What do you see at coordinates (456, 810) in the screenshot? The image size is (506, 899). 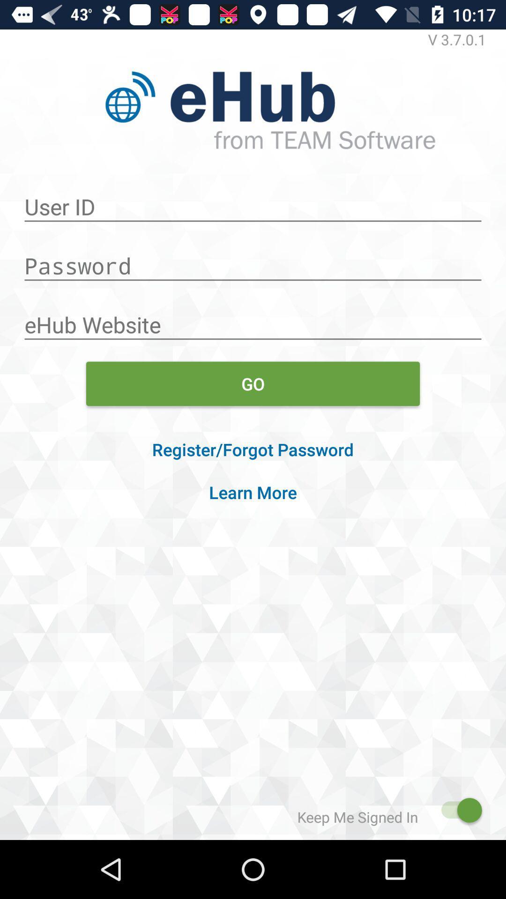 I see `keep me signed in button` at bounding box center [456, 810].